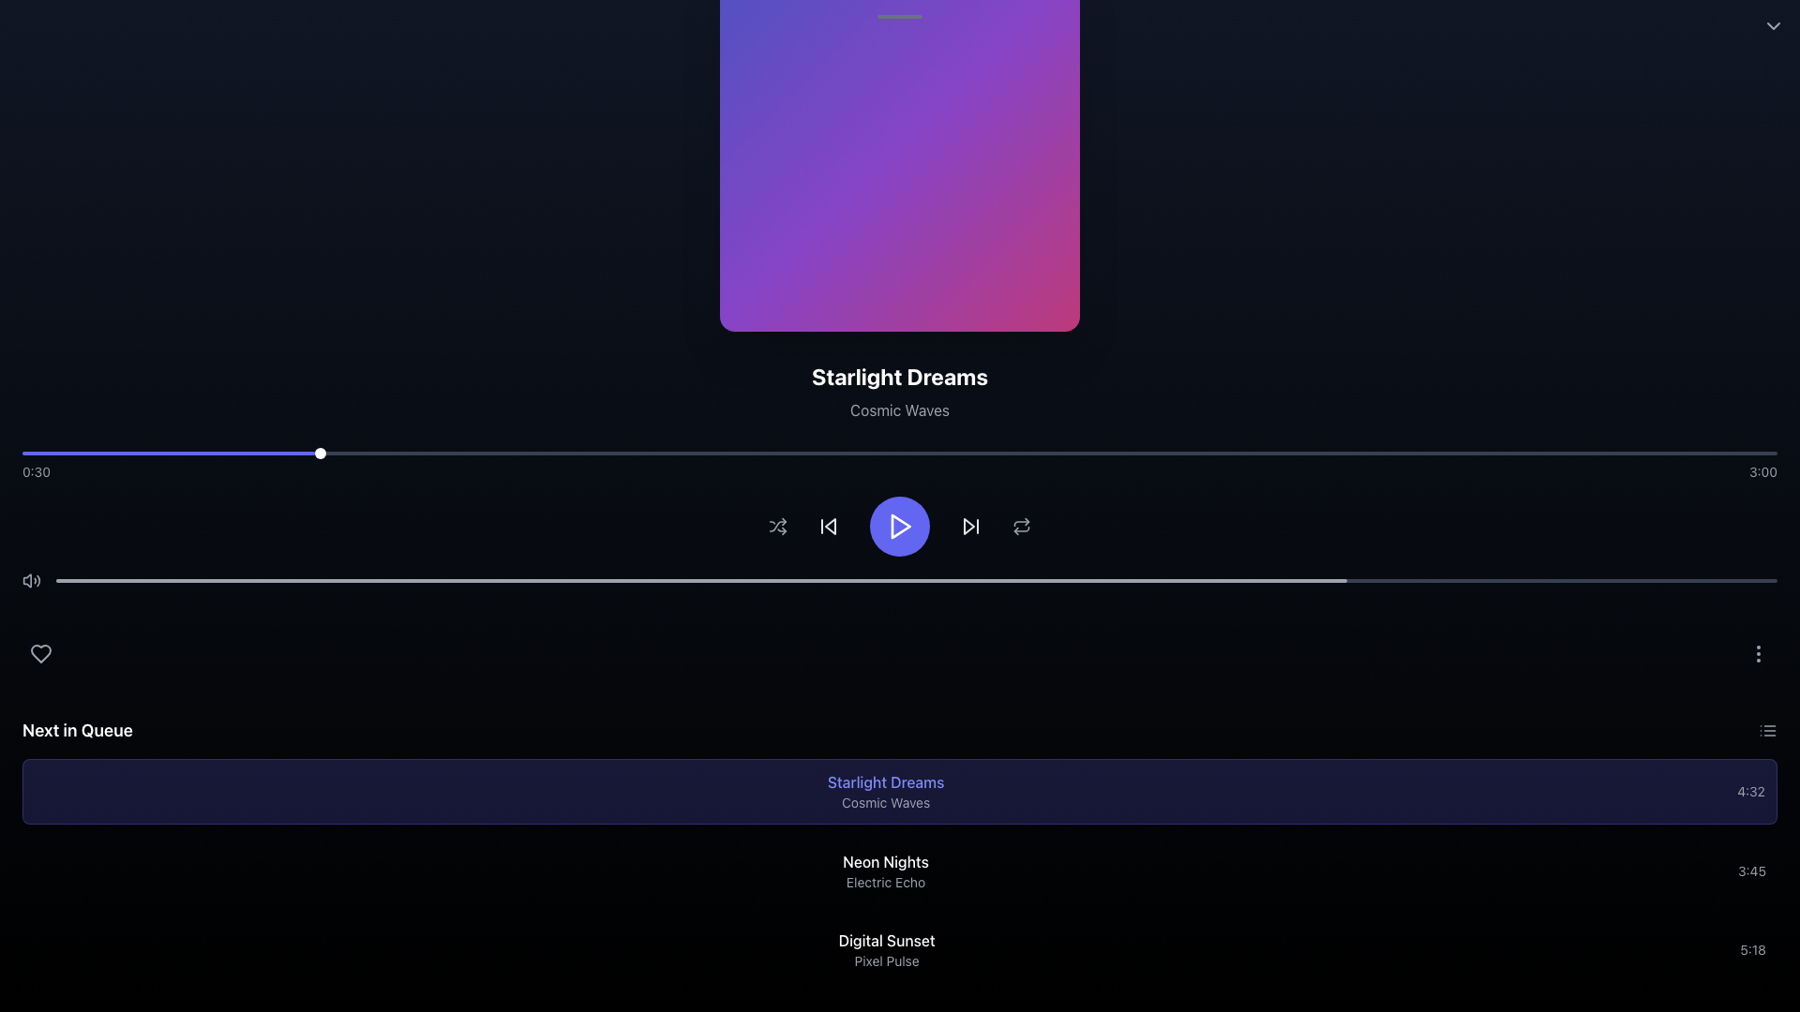 The width and height of the screenshot is (1800, 1012). What do you see at coordinates (827, 527) in the screenshot?
I see `the previous track button located to the left of the central play button in the media control panel to observe any visual state changes` at bounding box center [827, 527].